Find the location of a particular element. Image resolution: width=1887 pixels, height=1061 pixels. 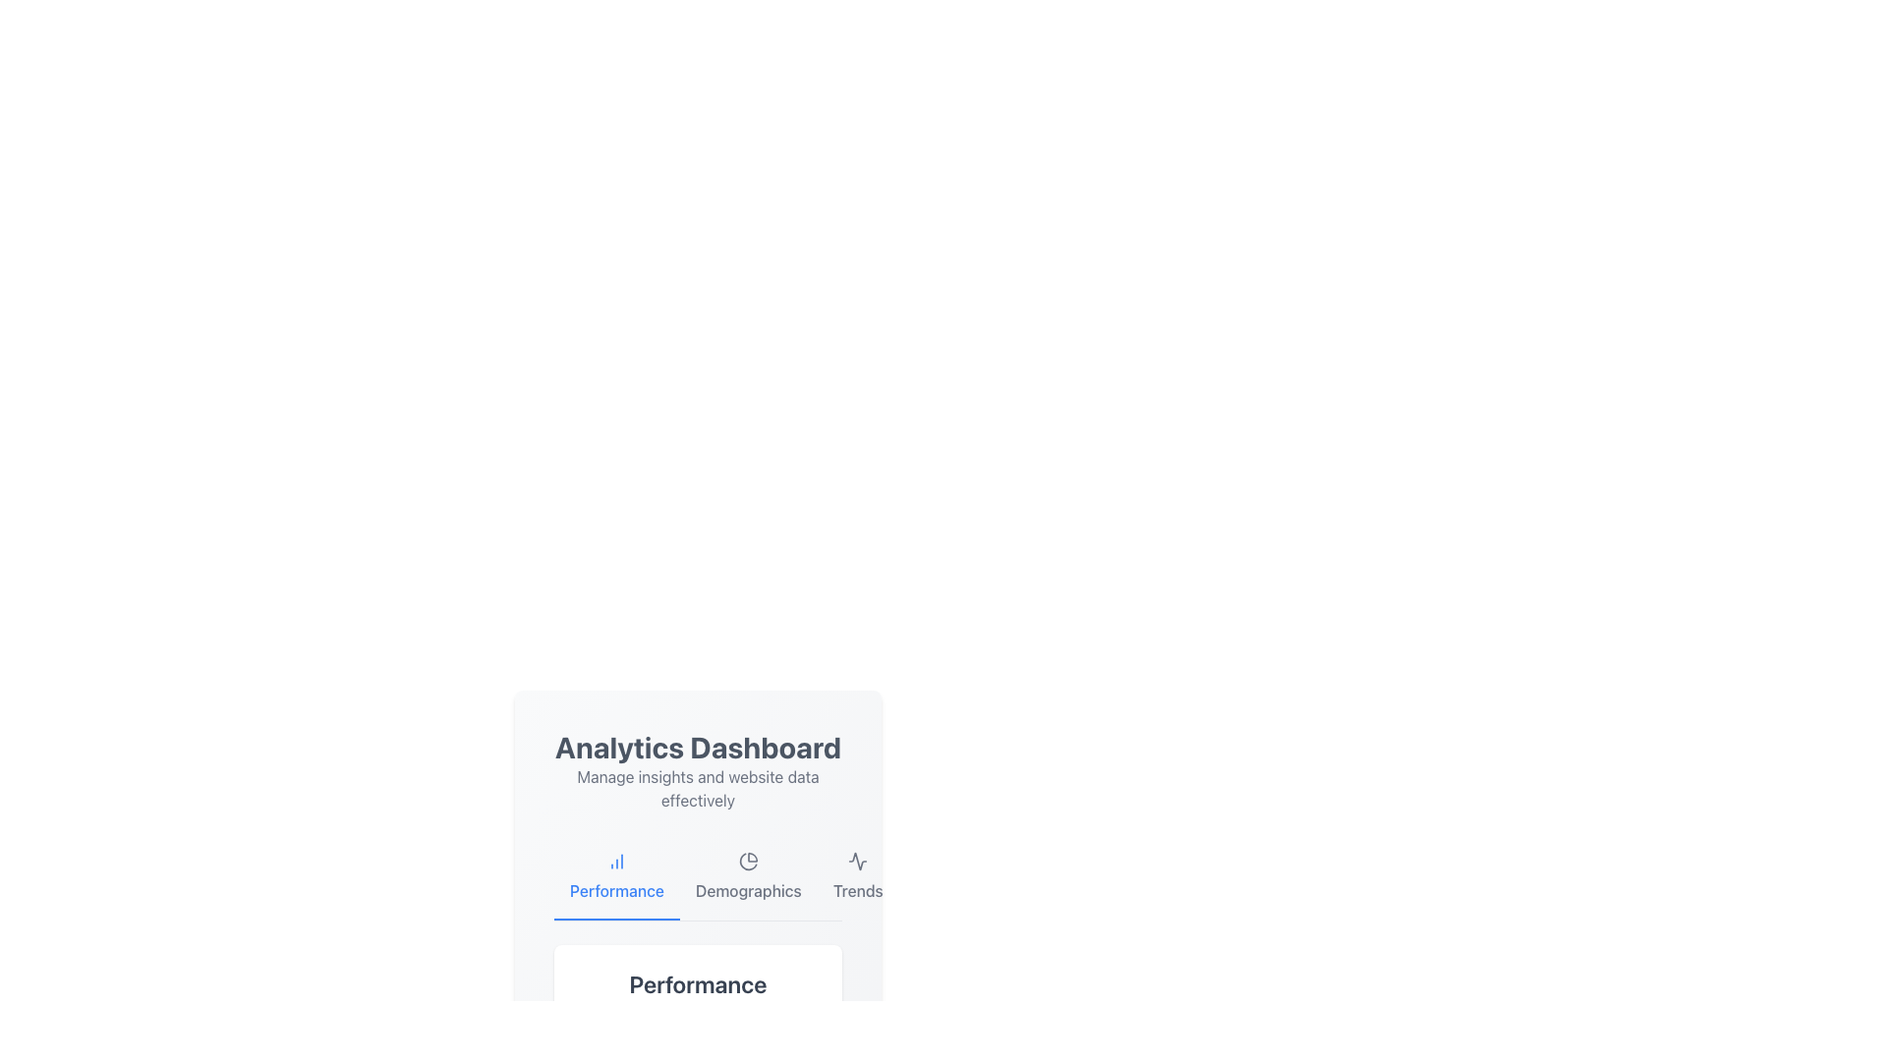

the 'Performance' tab item, which is the first vertical layout element on the left containing a blue icon and text is located at coordinates (616, 877).